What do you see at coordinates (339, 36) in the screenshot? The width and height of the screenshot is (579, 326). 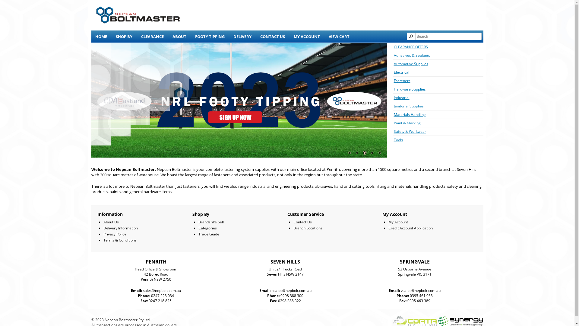 I see `'VIEW CART'` at bounding box center [339, 36].